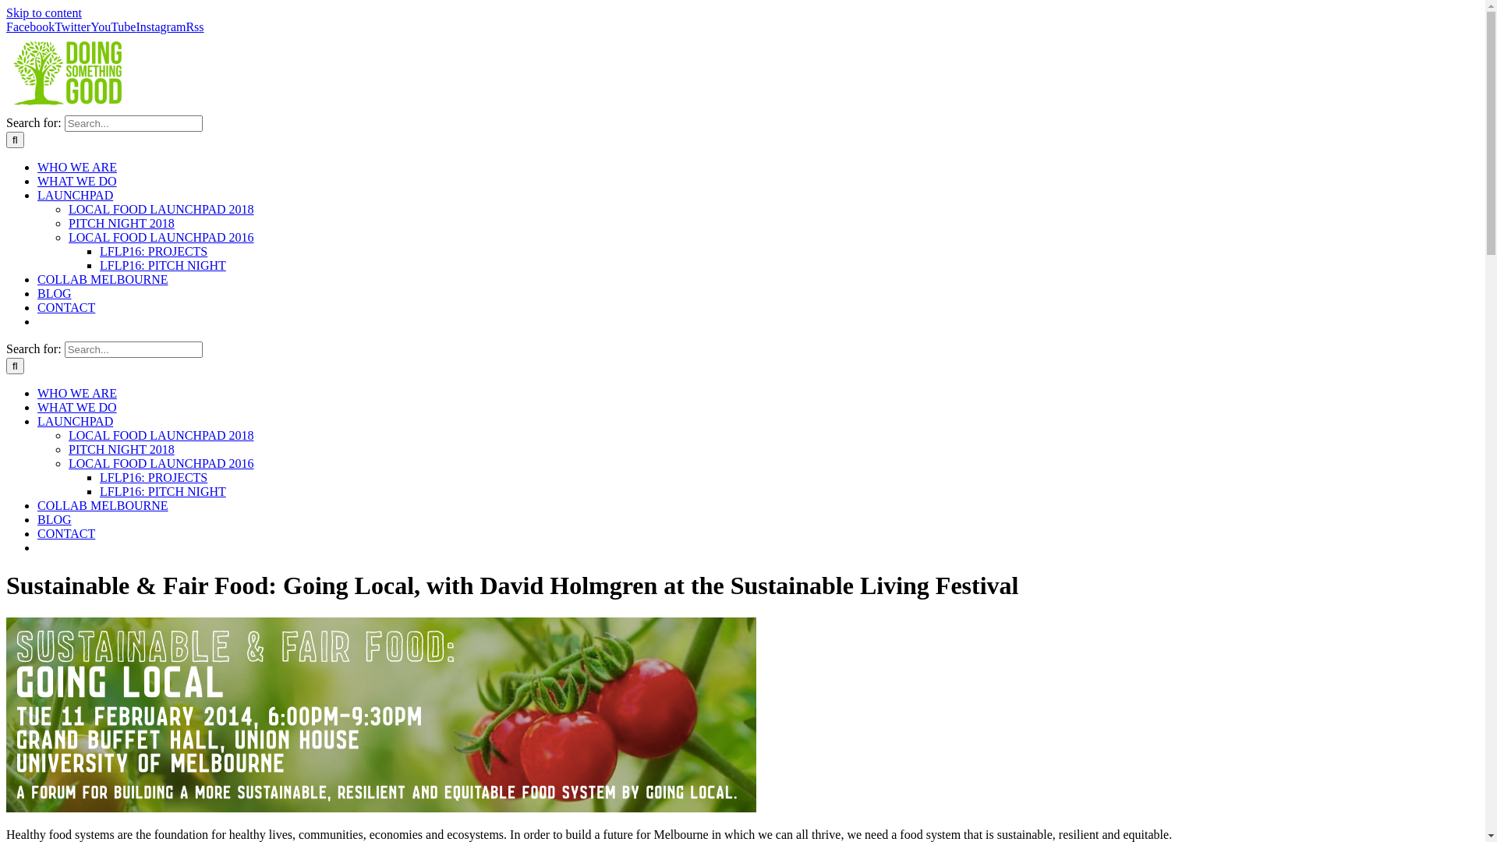  What do you see at coordinates (37, 421) in the screenshot?
I see `'LAUNCHPAD'` at bounding box center [37, 421].